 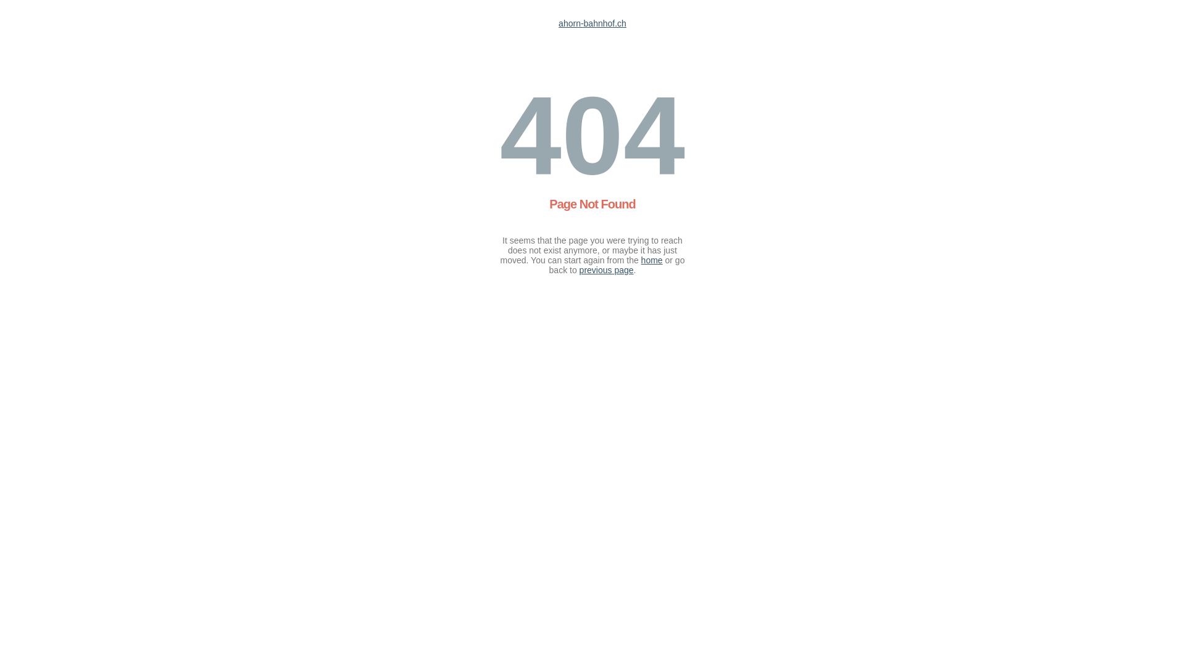 I want to click on 'previous page', so click(x=607, y=269).